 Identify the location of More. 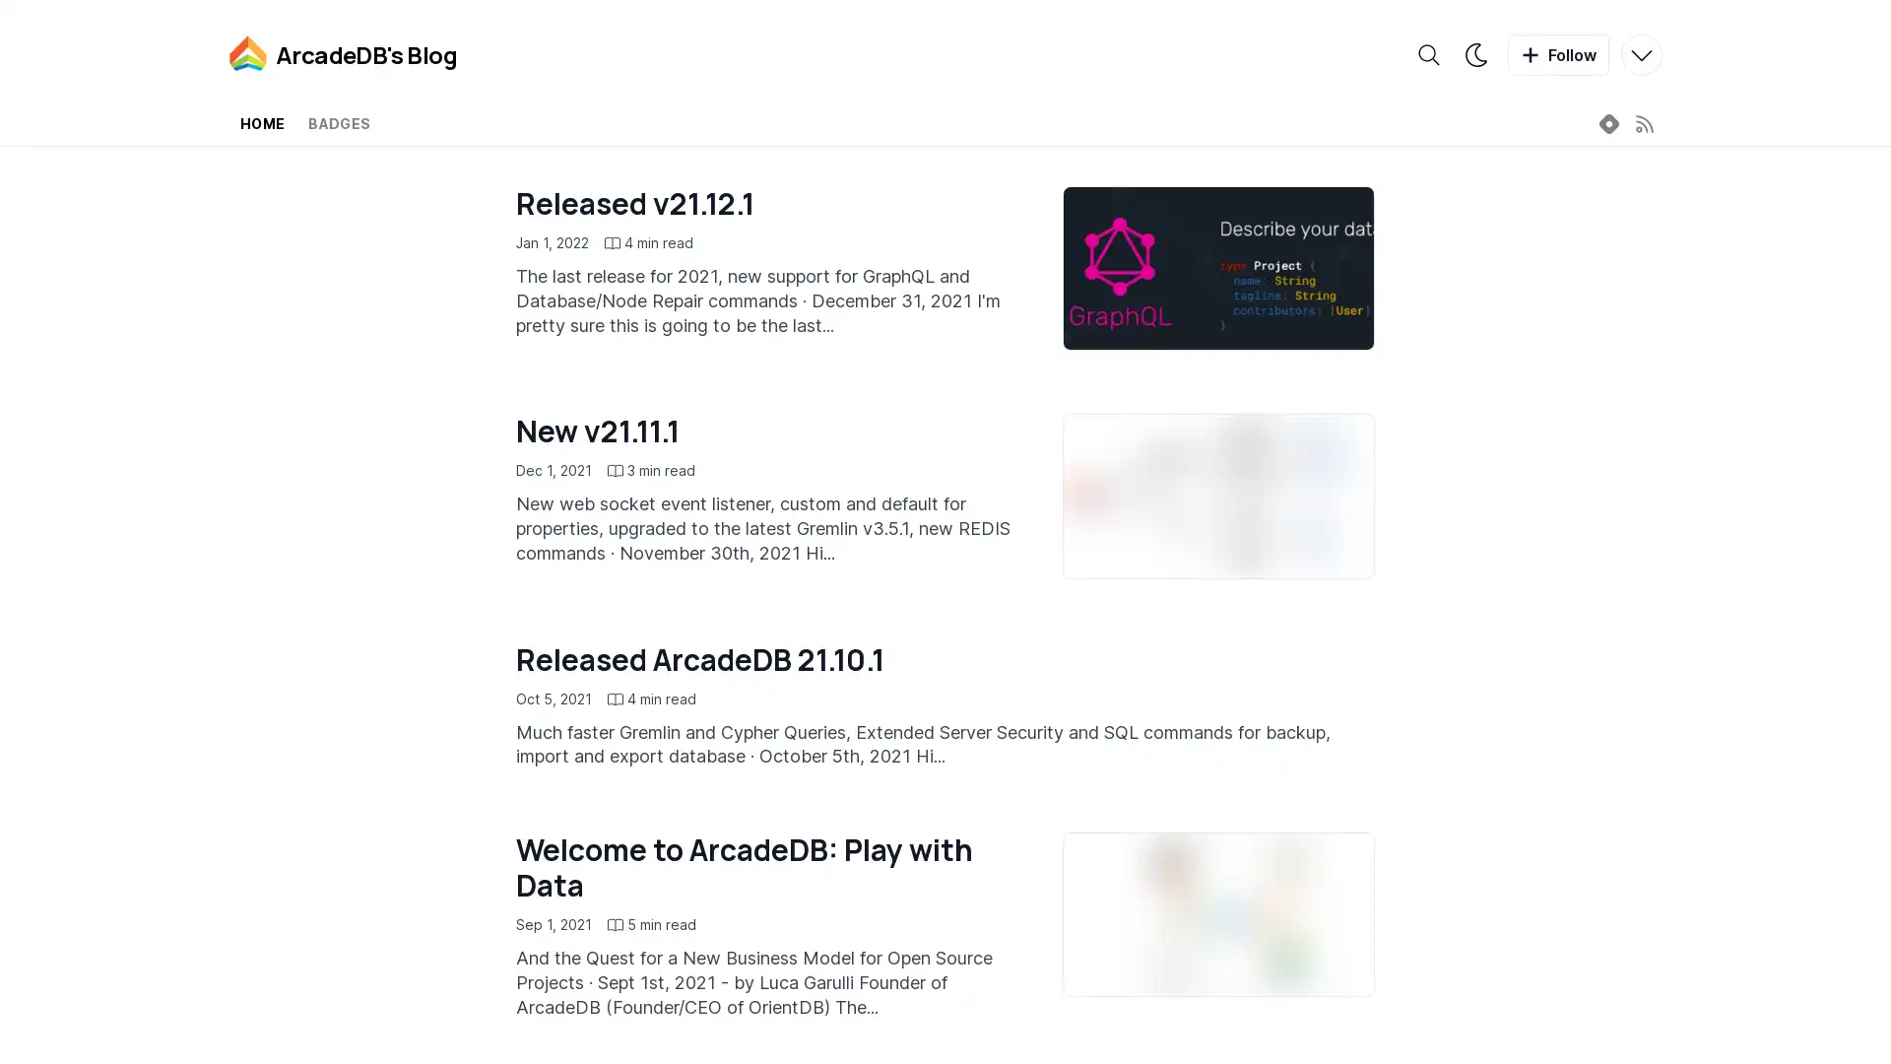
(1641, 54).